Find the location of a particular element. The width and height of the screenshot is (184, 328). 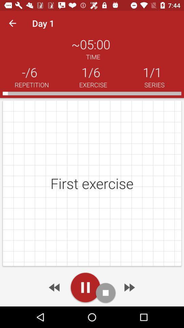

fast forward is located at coordinates (129, 287).